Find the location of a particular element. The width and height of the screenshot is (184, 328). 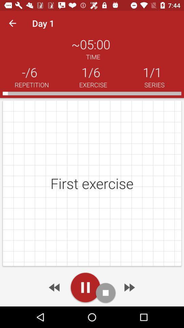

fast forward is located at coordinates (129, 287).